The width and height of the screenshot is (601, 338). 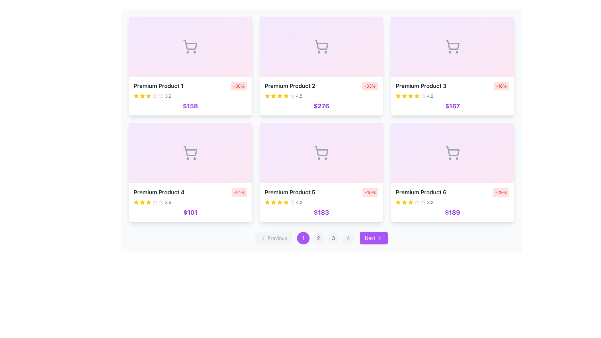 What do you see at coordinates (411, 96) in the screenshot?
I see `the fifth star in the rating representation for 'Premium Product 3' located in the top-right quadrant of the interface grid` at bounding box center [411, 96].